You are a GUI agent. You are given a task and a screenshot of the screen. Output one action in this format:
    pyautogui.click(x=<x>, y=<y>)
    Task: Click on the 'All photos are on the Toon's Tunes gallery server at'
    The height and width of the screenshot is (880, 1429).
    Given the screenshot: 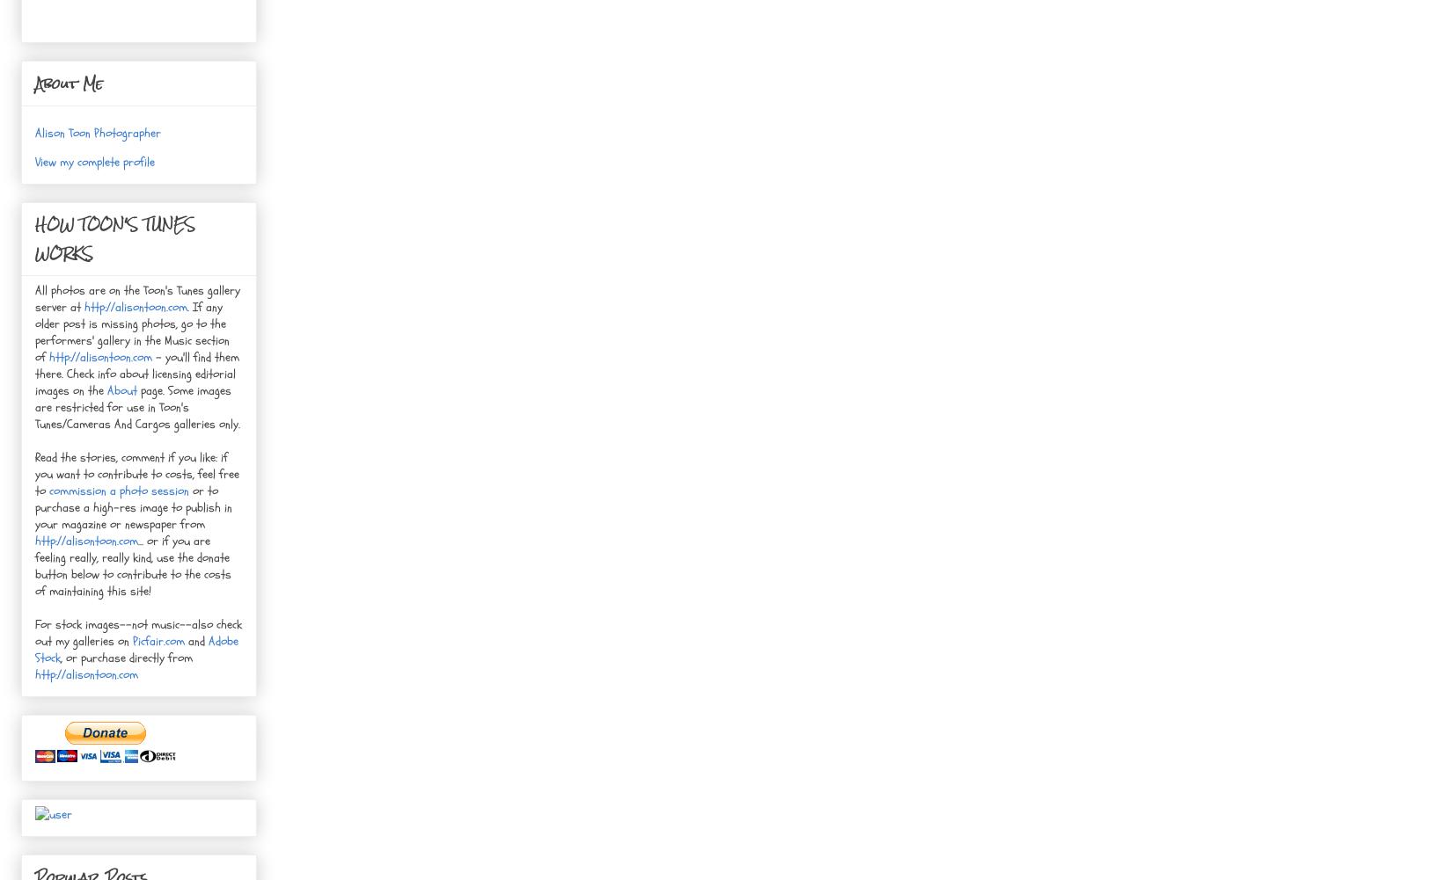 What is the action you would take?
    pyautogui.click(x=34, y=299)
    